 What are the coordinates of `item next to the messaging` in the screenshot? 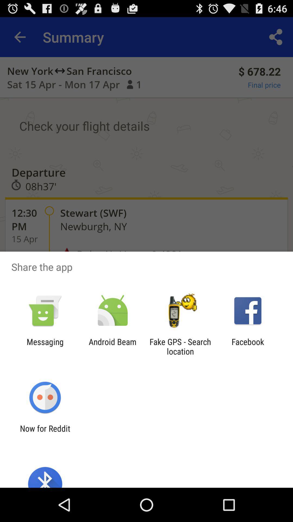 It's located at (112, 346).